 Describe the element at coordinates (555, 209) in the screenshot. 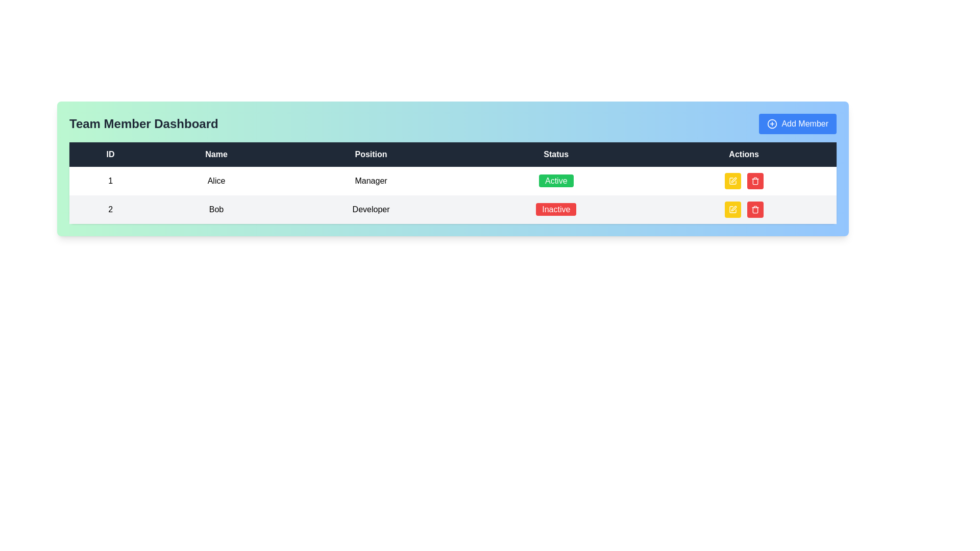

I see `the Status indicator button for team member 'Bob', who is a Developer, located in the second row of the table under the 'Status' column` at that location.